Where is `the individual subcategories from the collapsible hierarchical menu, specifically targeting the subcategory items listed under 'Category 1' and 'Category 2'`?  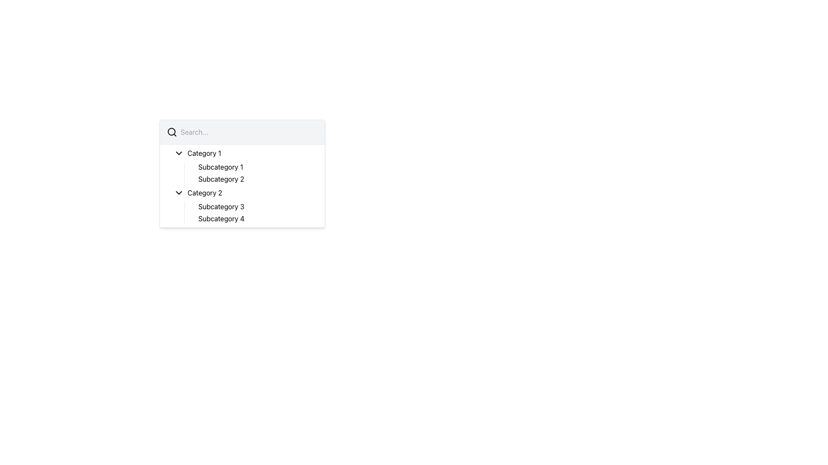
the individual subcategories from the collapsible hierarchical menu, specifically targeting the subcategory items listed under 'Category 1' and 'Category 2' is located at coordinates (241, 186).